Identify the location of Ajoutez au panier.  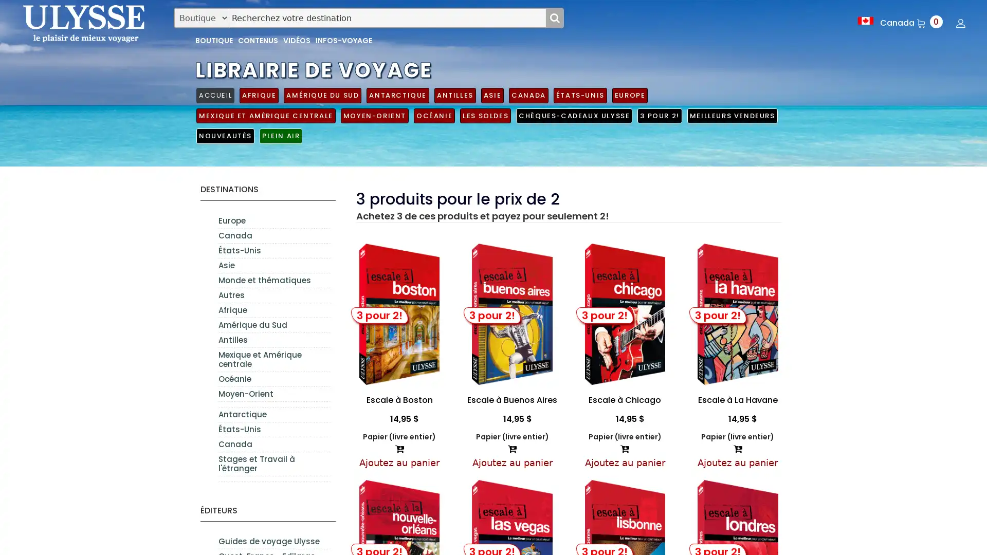
(624, 461).